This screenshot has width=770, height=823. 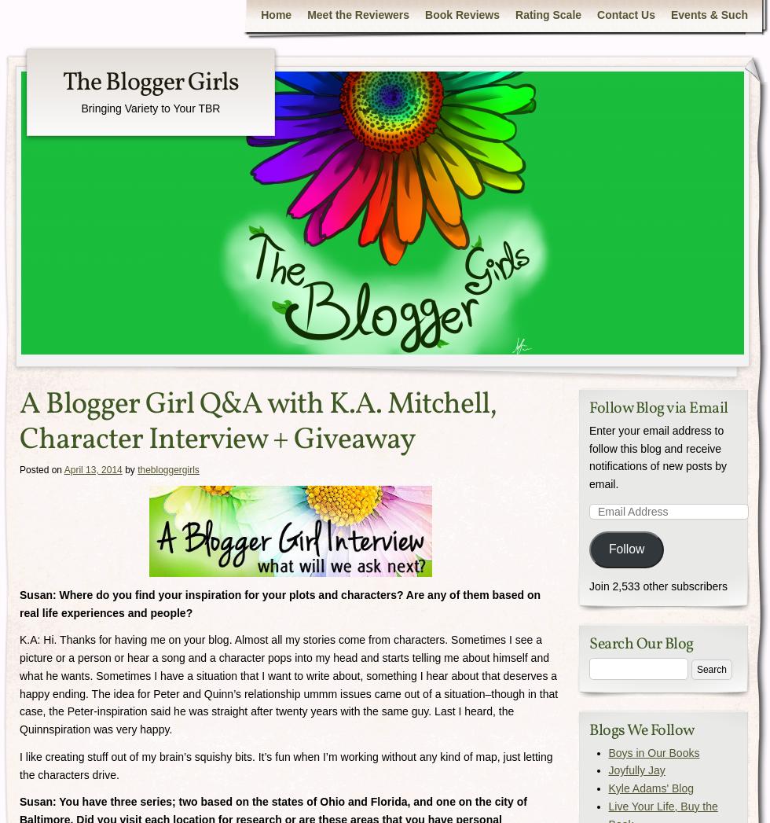 I want to click on 'Follow Blog via Email', so click(x=658, y=406).